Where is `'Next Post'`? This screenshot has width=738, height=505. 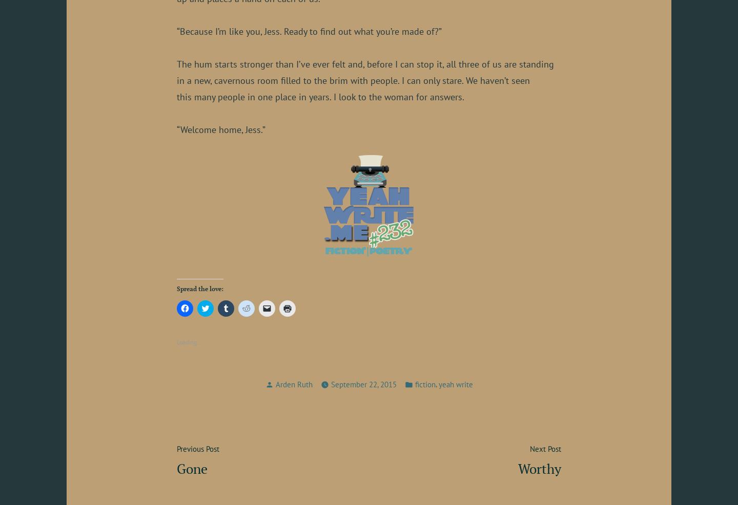
'Next Post' is located at coordinates (545, 448).